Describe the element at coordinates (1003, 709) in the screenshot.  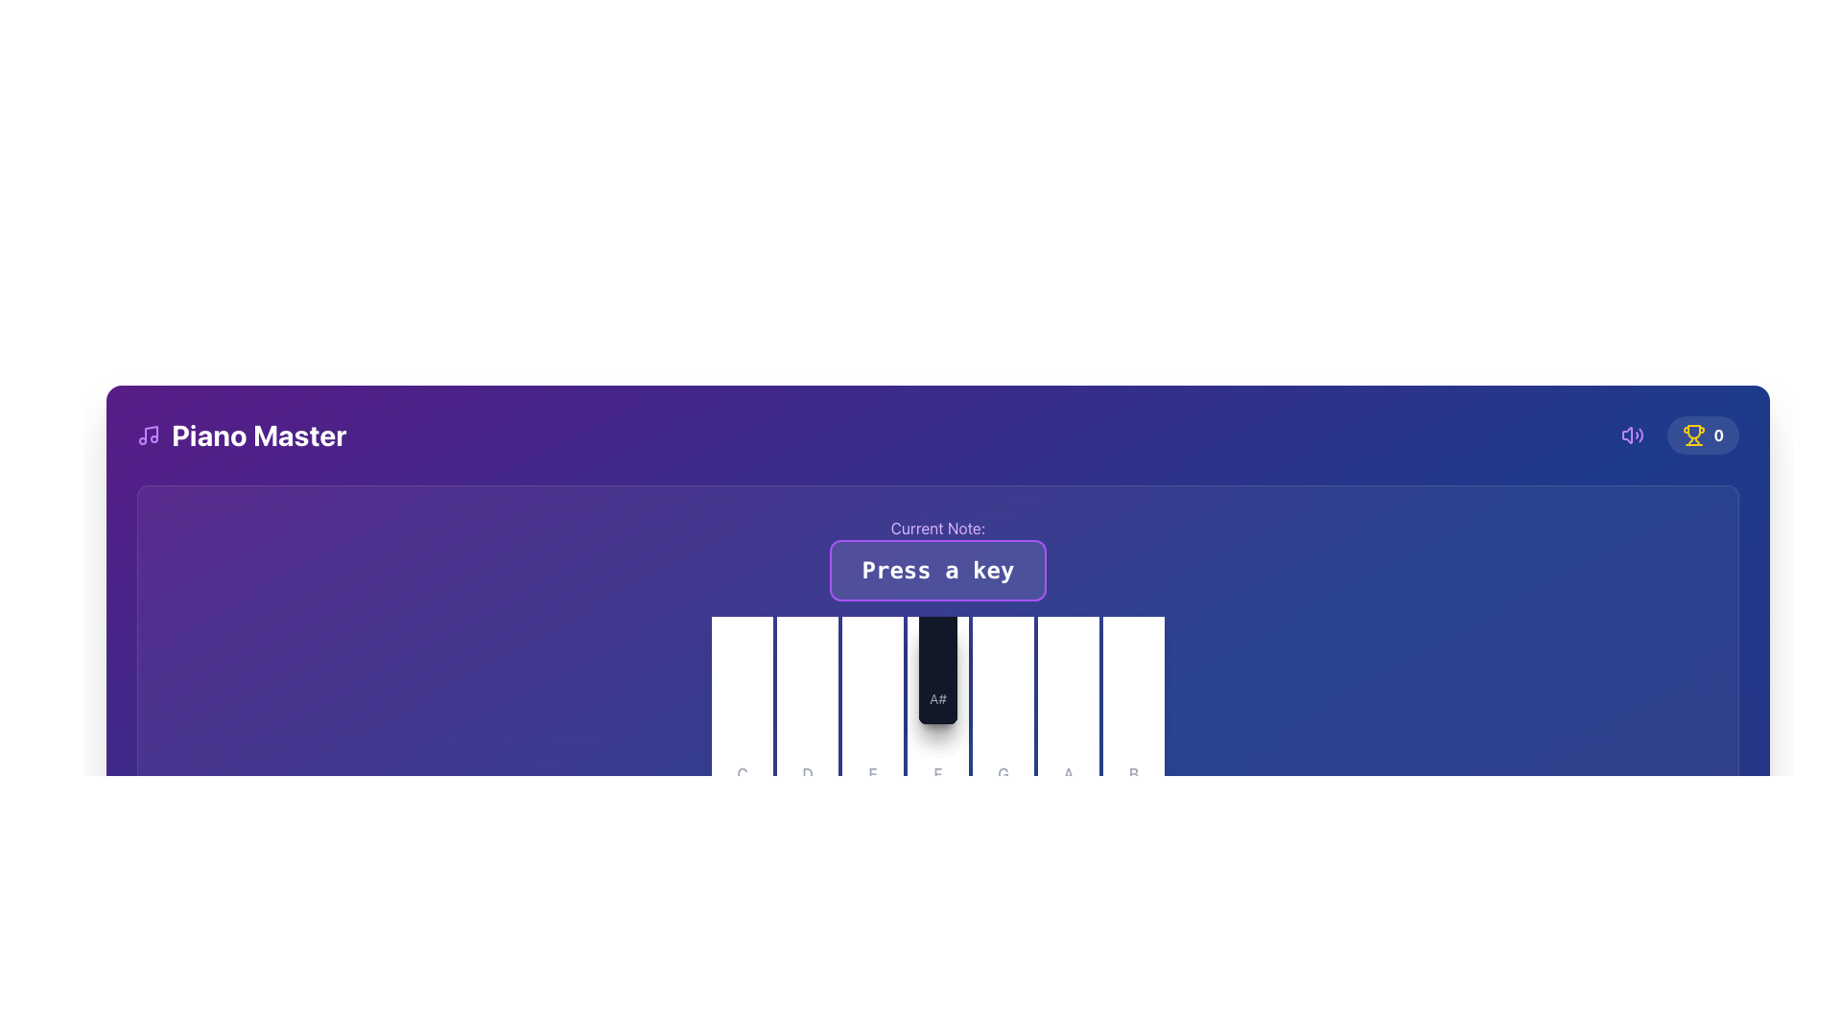
I see `the piano keyboard key representing the musical note 'G', which is the ninth key from the left, visually described as a vertical white rectangular key with a gray letter 'G' at the bottom` at that location.